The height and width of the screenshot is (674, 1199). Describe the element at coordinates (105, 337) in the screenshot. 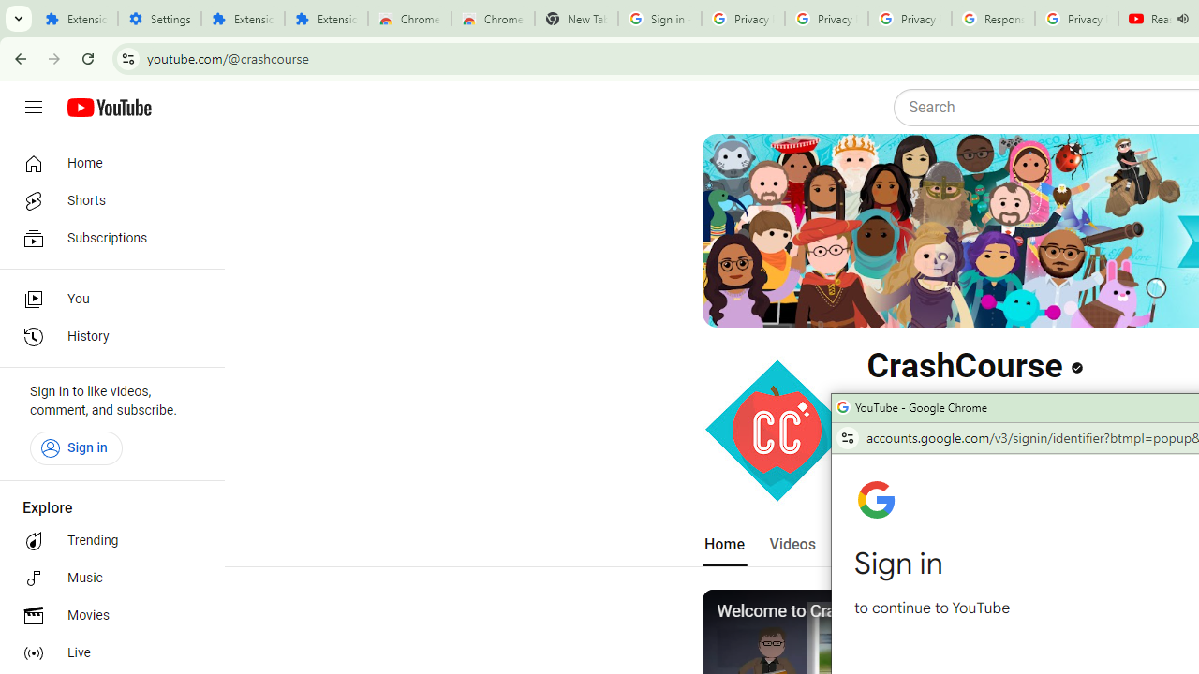

I see `'History'` at that location.